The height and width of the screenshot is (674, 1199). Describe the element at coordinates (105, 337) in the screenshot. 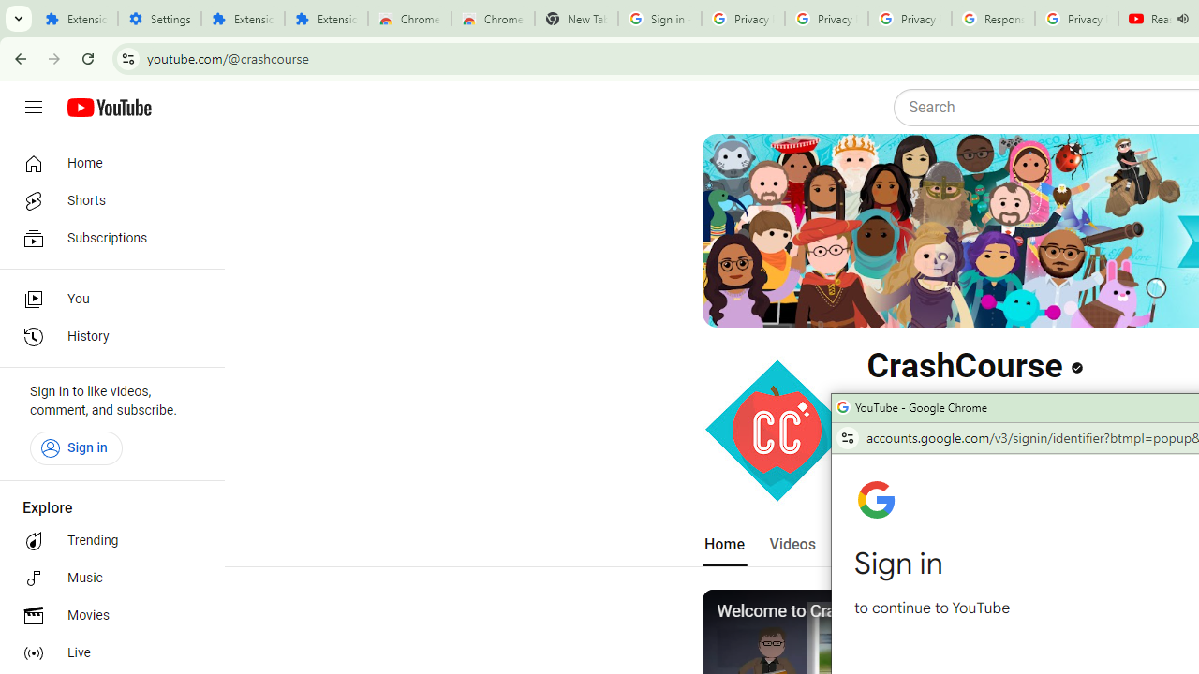

I see `'History'` at that location.